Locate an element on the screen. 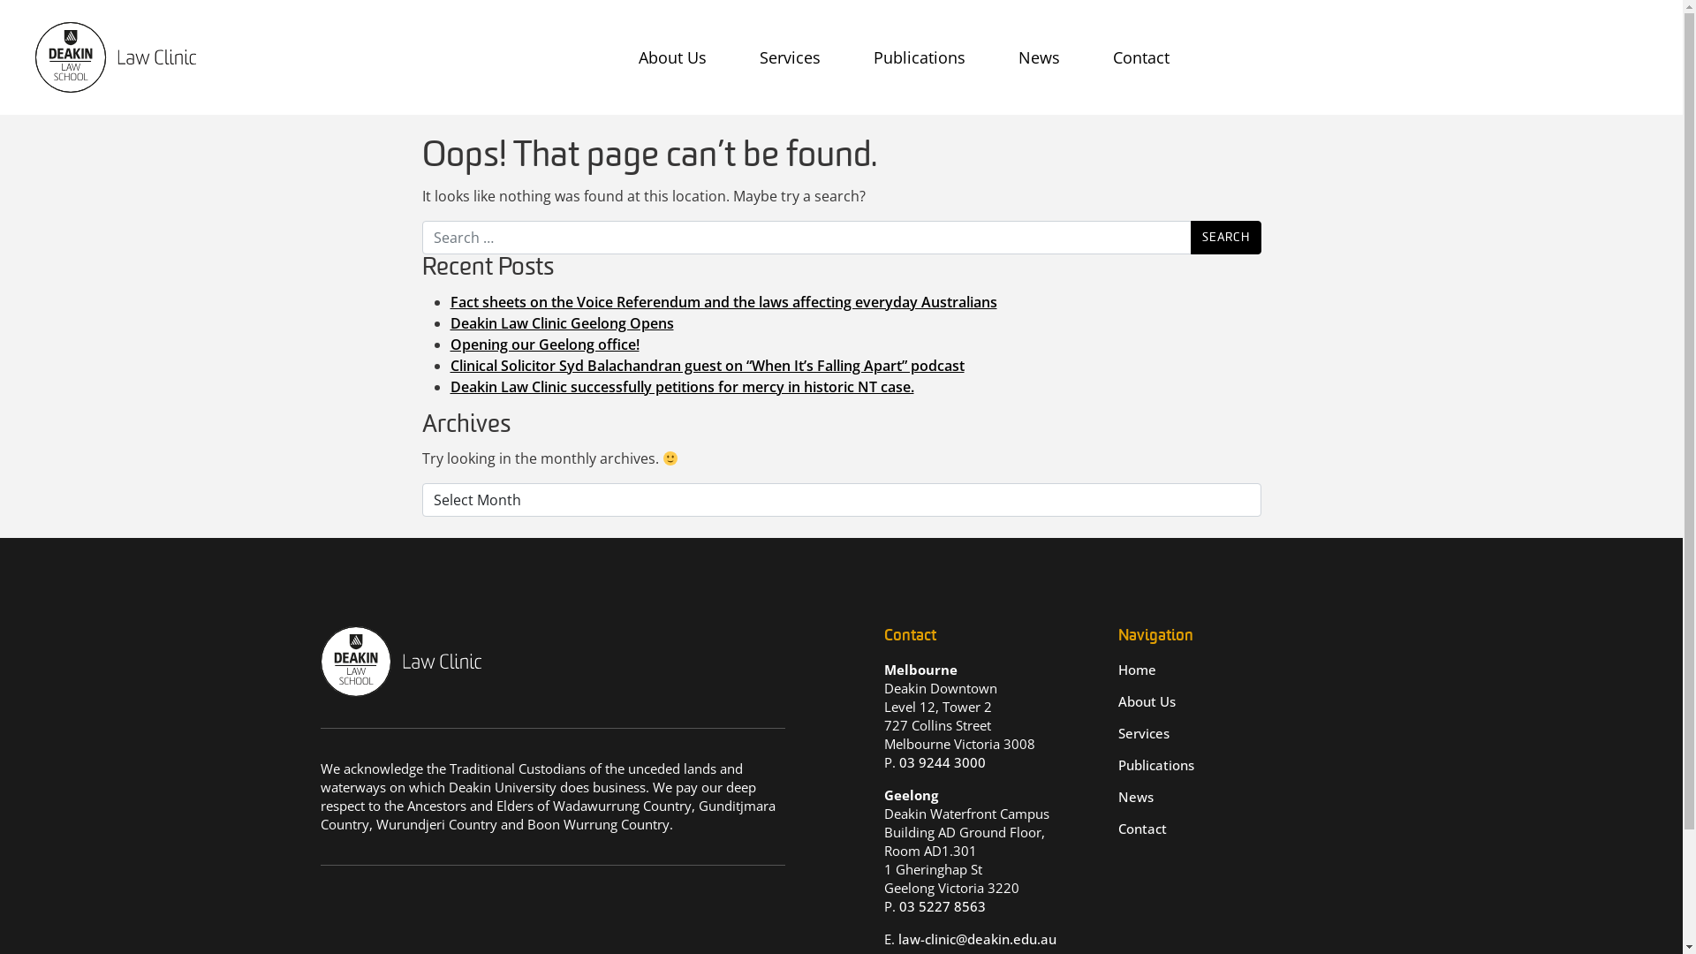  'Opening our Geelong office!' is located at coordinates (544, 344).